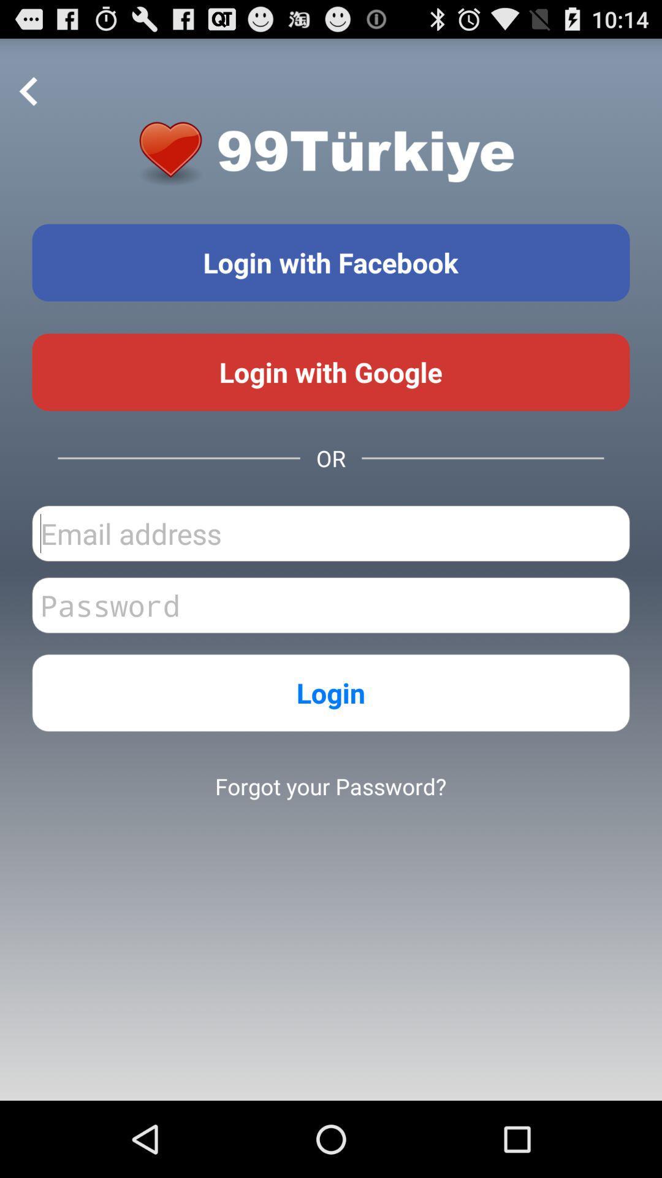  I want to click on email address login space, so click(331, 533).